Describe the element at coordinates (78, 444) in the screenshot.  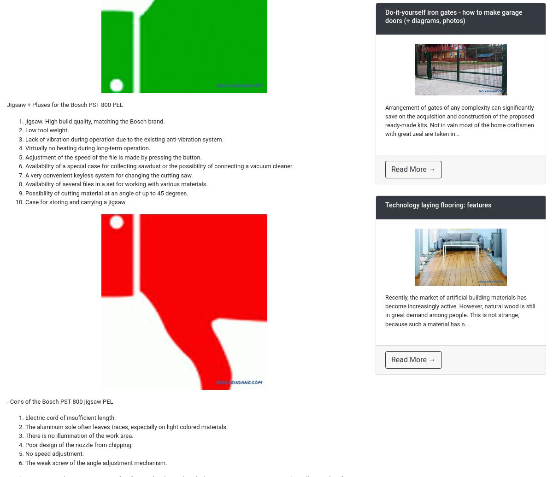
I see `'Poor design of the nozzle from chipping.'` at that location.